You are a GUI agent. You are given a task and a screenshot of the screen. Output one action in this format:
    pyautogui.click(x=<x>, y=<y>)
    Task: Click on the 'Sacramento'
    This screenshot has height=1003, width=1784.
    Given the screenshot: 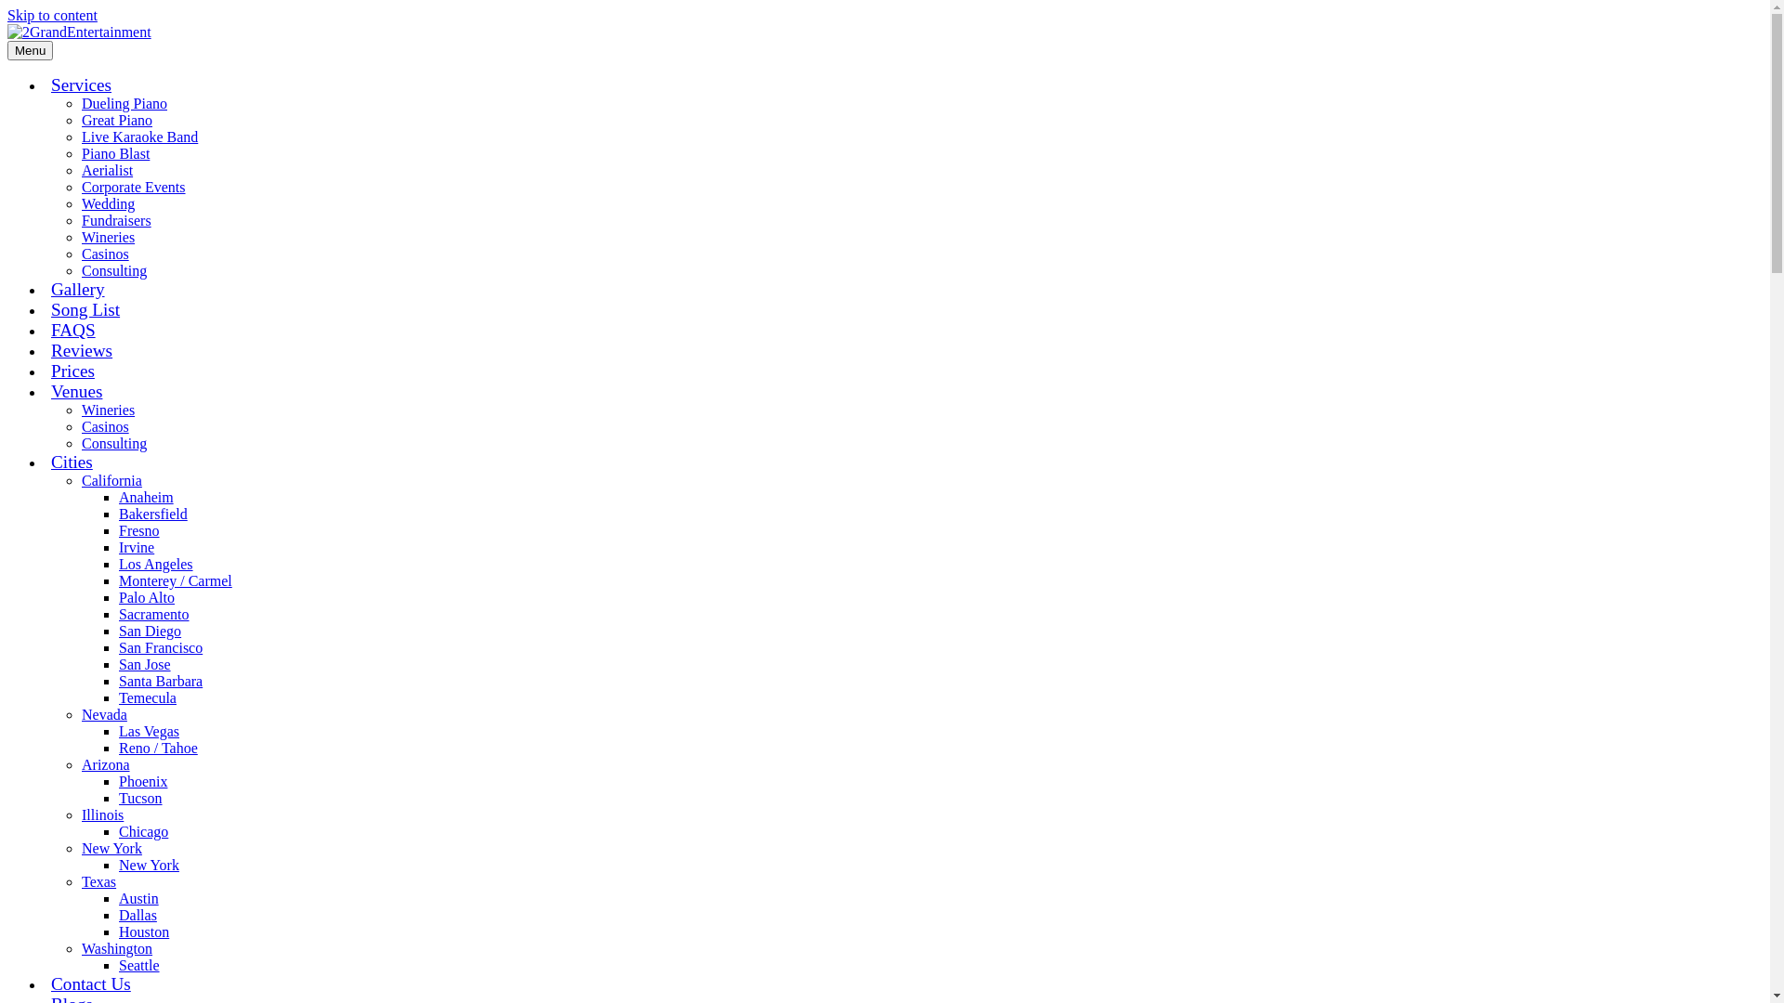 What is the action you would take?
    pyautogui.click(x=154, y=614)
    